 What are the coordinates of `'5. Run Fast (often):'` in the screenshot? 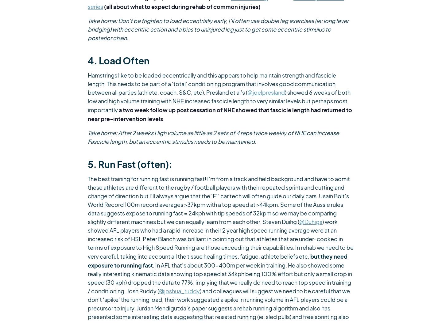 It's located at (130, 164).